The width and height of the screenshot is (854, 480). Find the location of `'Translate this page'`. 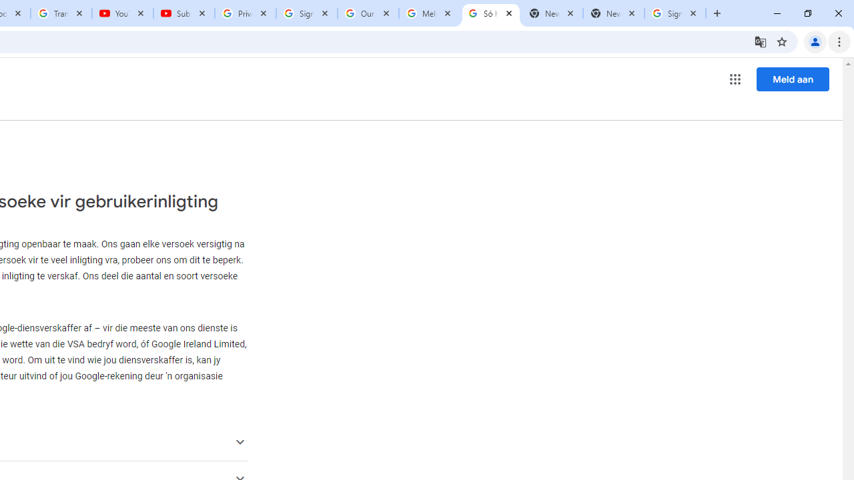

'Translate this page' is located at coordinates (760, 41).